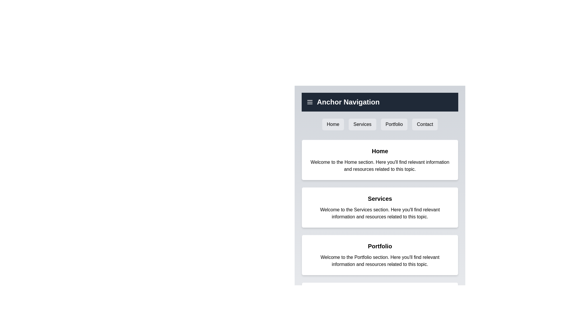 Image resolution: width=564 pixels, height=317 pixels. What do you see at coordinates (310, 102) in the screenshot?
I see `the Hamburger Menu Icon, which consists of three horizontal white lines on a dark gray background, located at the top left corner of the interface next to the 'Anchor Navigation' title` at bounding box center [310, 102].